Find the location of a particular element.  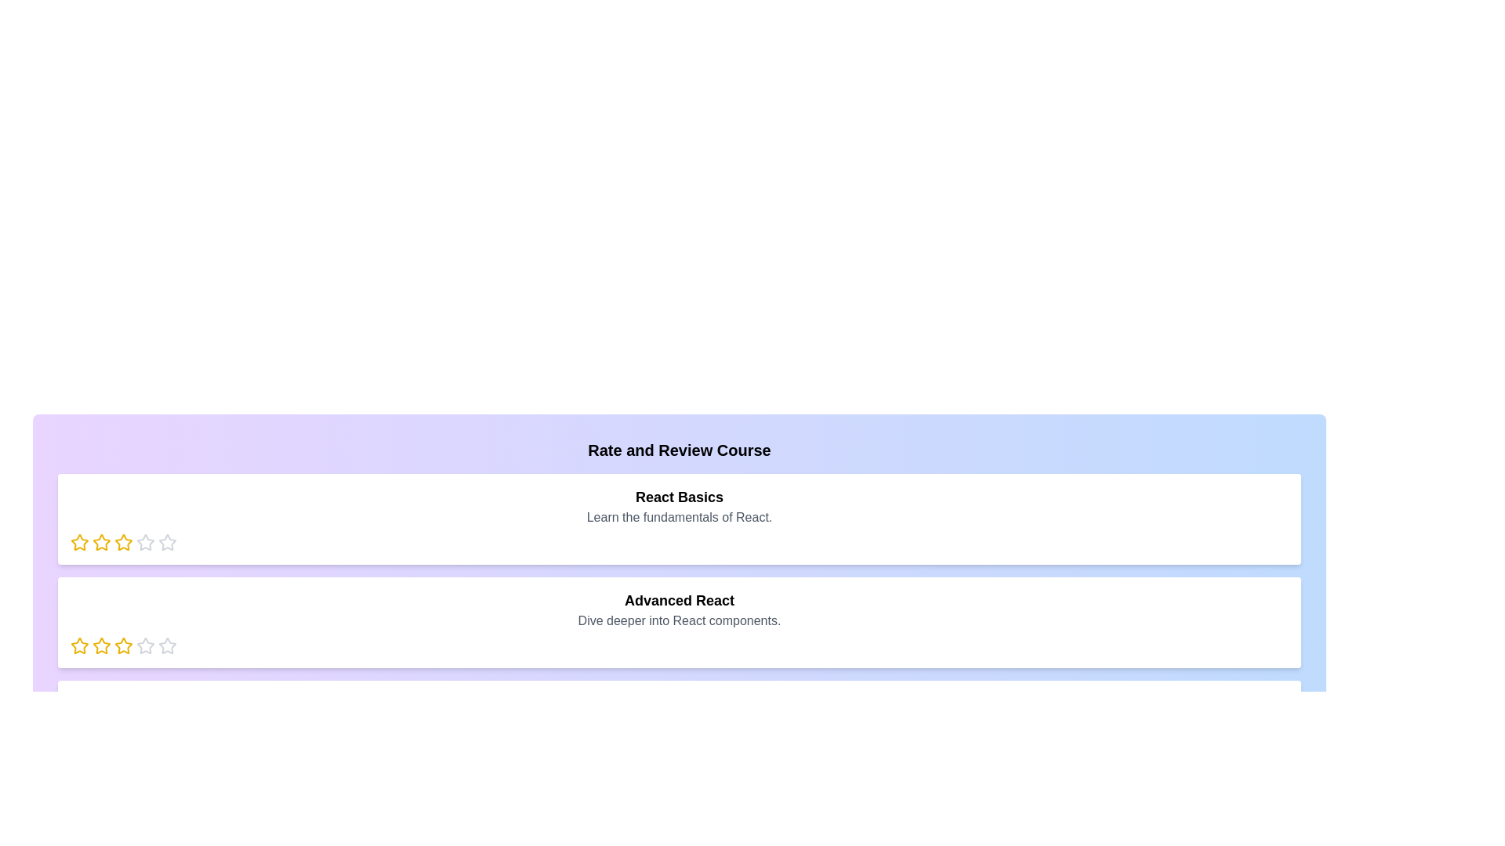

the fourth star icon in the horizontally aligned group of eight stars, located under the 'React Basics' section is located at coordinates (123, 542).